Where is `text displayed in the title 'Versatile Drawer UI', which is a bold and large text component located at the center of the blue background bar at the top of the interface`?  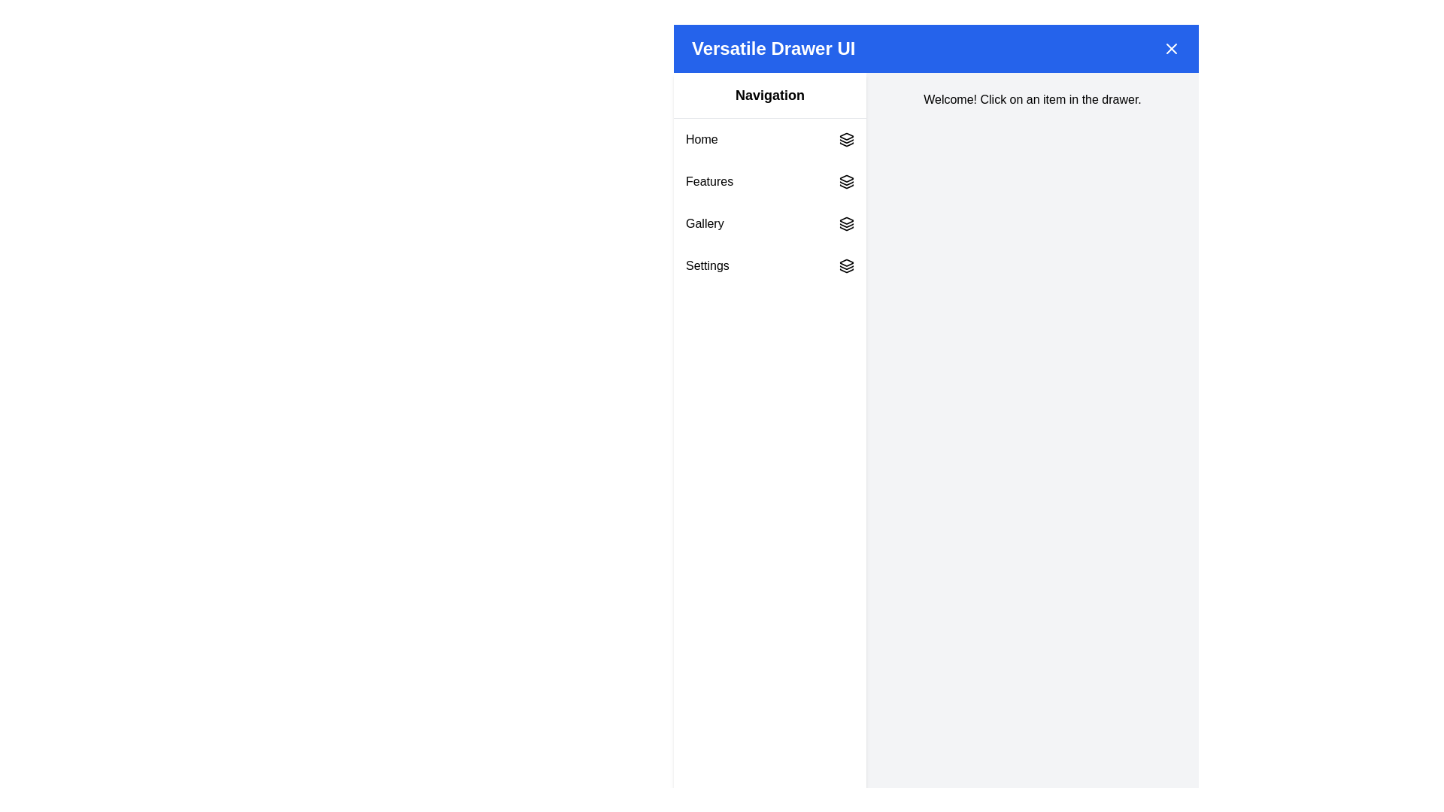 text displayed in the title 'Versatile Drawer UI', which is a bold and large text component located at the center of the blue background bar at the top of the interface is located at coordinates (773, 48).